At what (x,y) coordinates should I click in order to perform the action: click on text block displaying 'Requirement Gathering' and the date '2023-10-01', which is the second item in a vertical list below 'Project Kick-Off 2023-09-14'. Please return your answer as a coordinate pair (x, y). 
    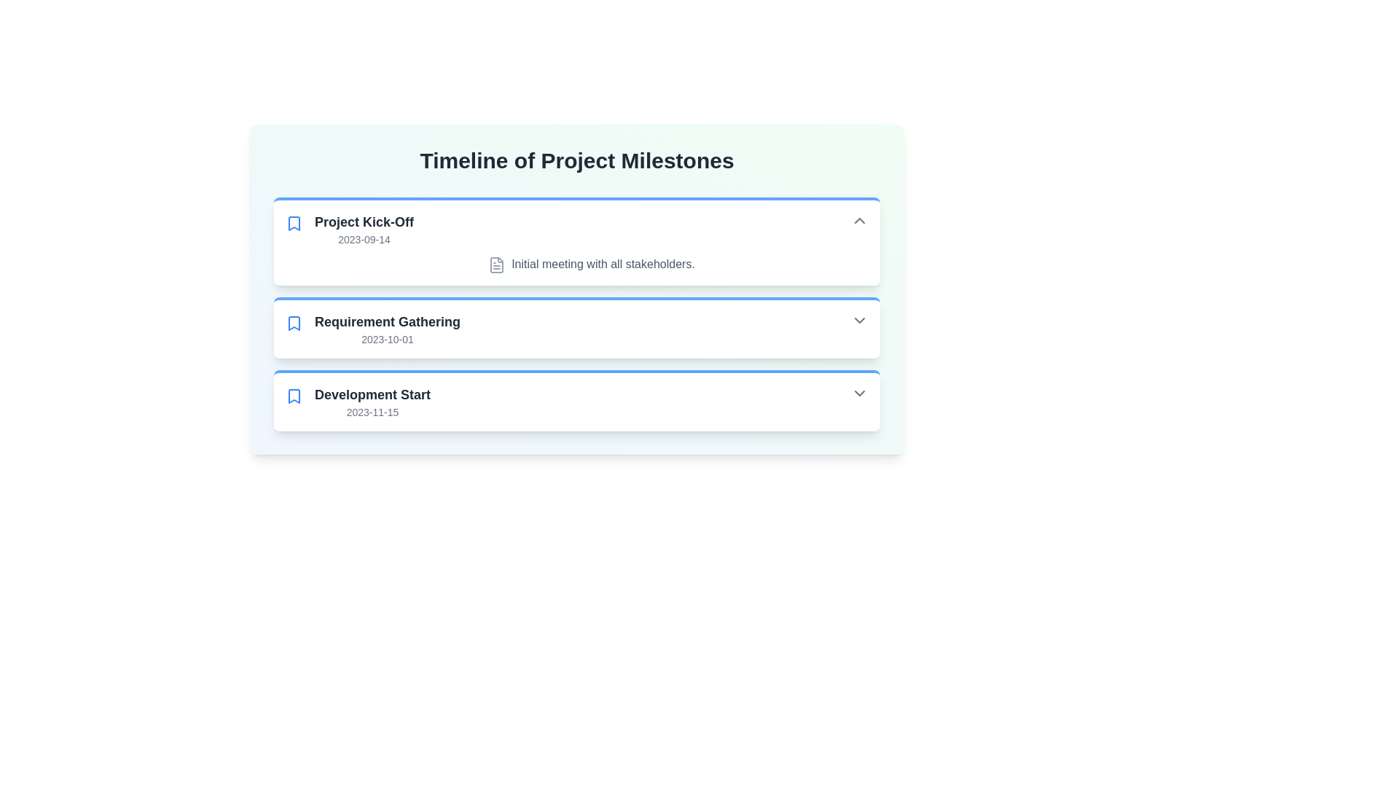
    Looking at the image, I should click on (388, 329).